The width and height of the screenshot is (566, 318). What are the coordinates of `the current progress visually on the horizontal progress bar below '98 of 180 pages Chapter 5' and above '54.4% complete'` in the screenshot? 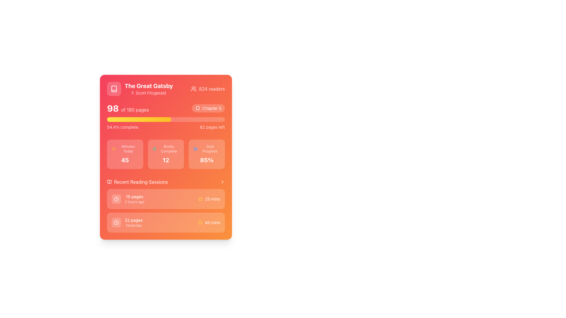 It's located at (165, 119).